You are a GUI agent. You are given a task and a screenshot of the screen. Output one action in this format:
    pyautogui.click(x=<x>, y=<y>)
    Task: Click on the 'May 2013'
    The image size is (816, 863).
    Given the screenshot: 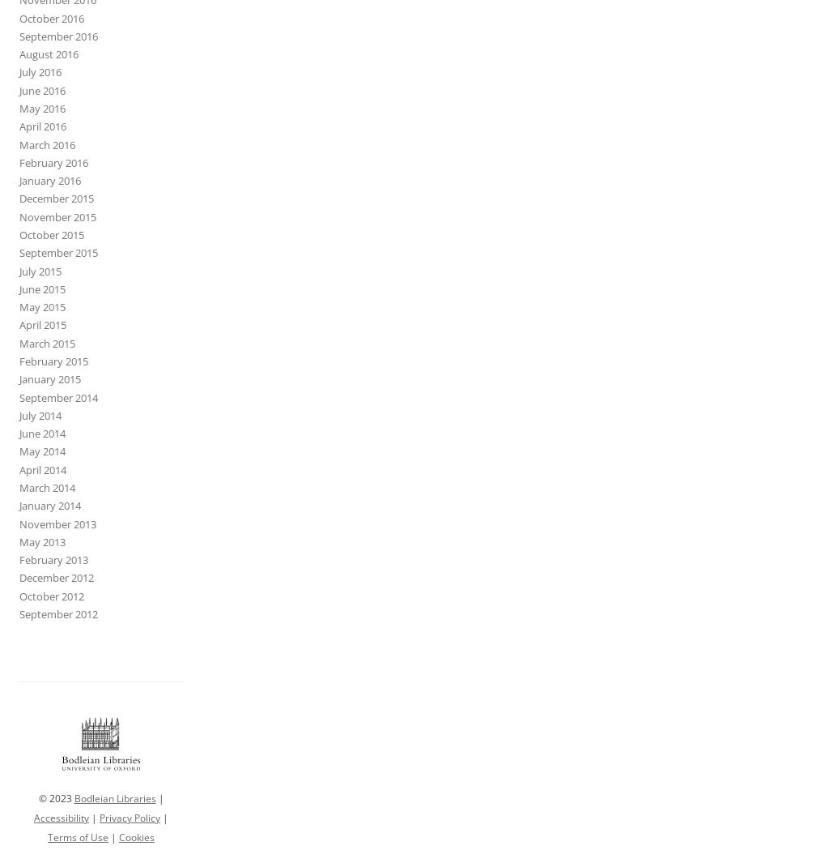 What is the action you would take?
    pyautogui.click(x=42, y=540)
    